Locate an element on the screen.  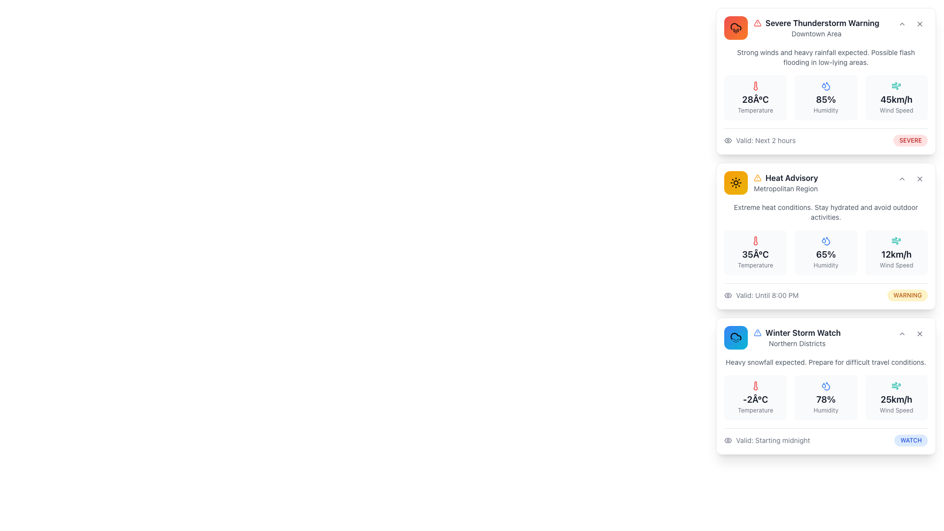
the Text label that conveys temporal information about the validity of the associated warning, located in the bottom section of the 'Severe Thunderstorm Warning' card, directly to the right of the eye icon is located at coordinates (765, 140).